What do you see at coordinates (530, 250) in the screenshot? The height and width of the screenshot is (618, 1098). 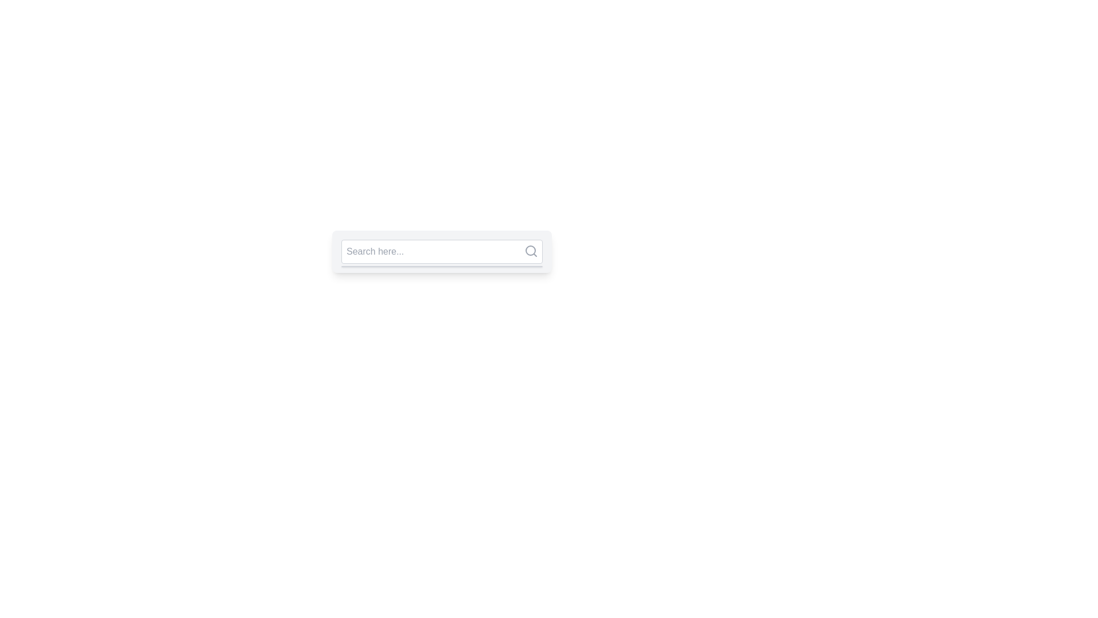 I see `the SVG Circle Graphic of the search icon, which has a gray outline and no fill, located at the top-right corner of the search bar` at bounding box center [530, 250].